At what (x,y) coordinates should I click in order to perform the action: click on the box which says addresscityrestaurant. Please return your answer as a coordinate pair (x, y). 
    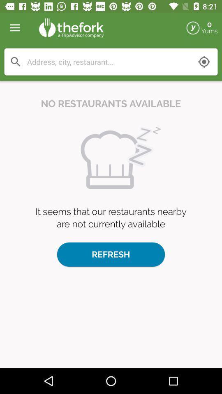
    Looking at the image, I should click on (111, 62).